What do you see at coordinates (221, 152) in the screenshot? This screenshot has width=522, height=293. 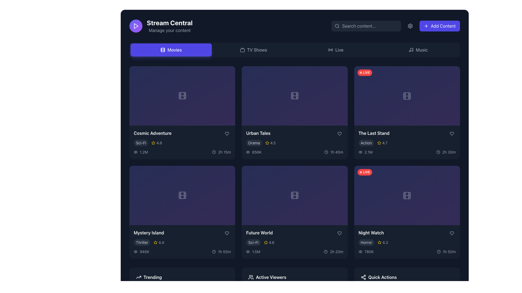 I see `text '2h 15m' displayed next to the clock icon in the bottom-right area of the 'Cosmic Adventure' movie card` at bounding box center [221, 152].